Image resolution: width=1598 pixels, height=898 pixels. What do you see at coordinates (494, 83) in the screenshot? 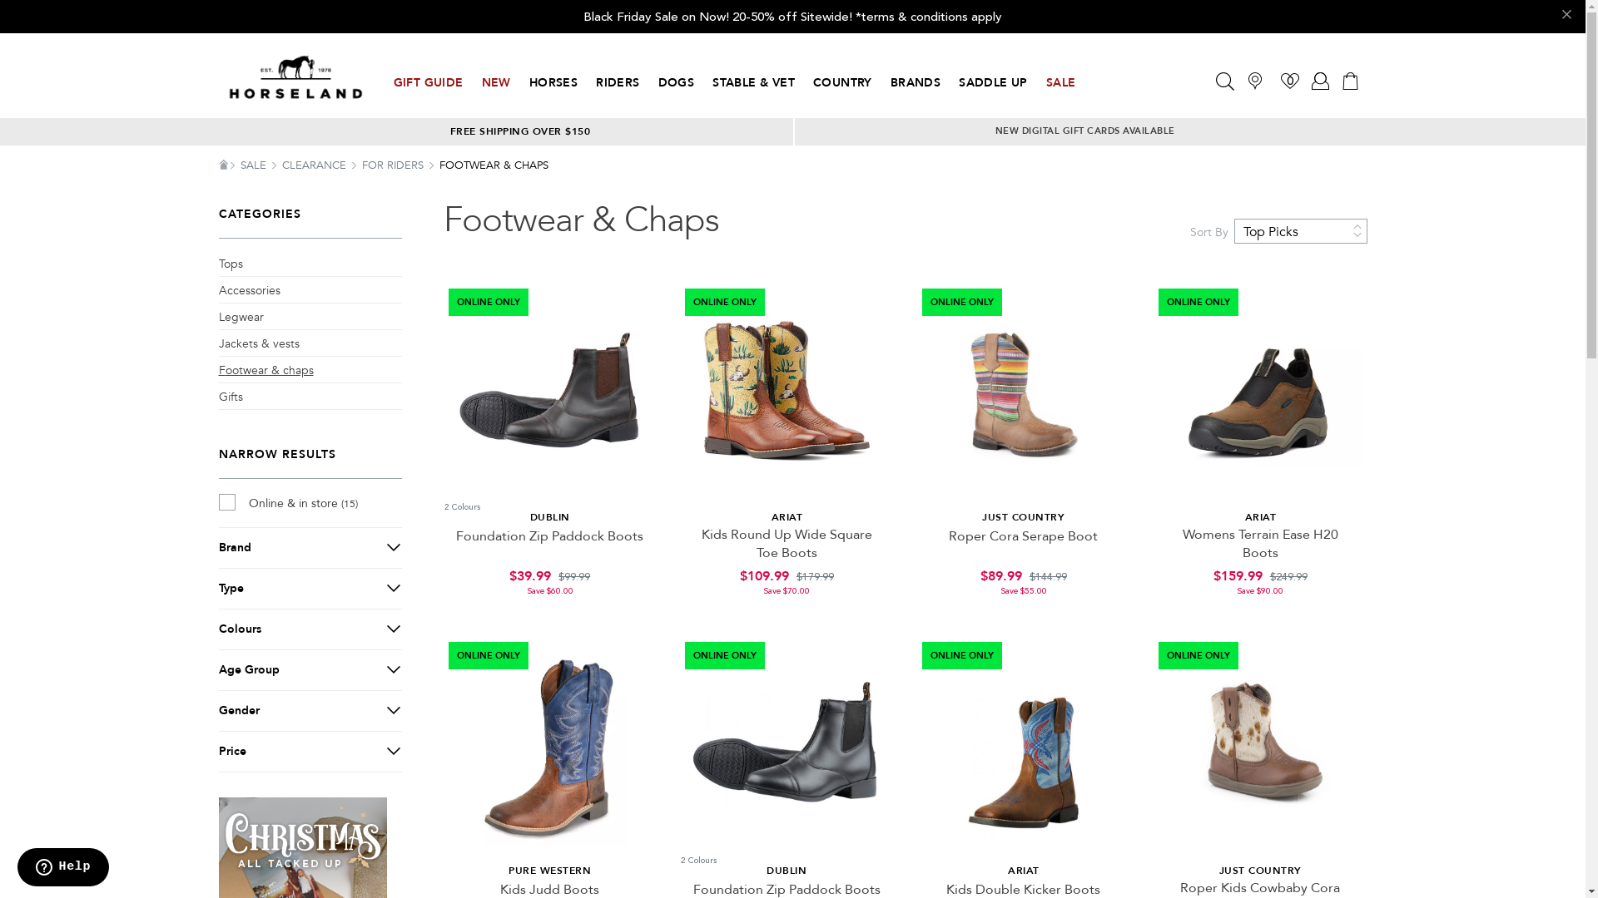
I see `'NEW'` at bounding box center [494, 83].